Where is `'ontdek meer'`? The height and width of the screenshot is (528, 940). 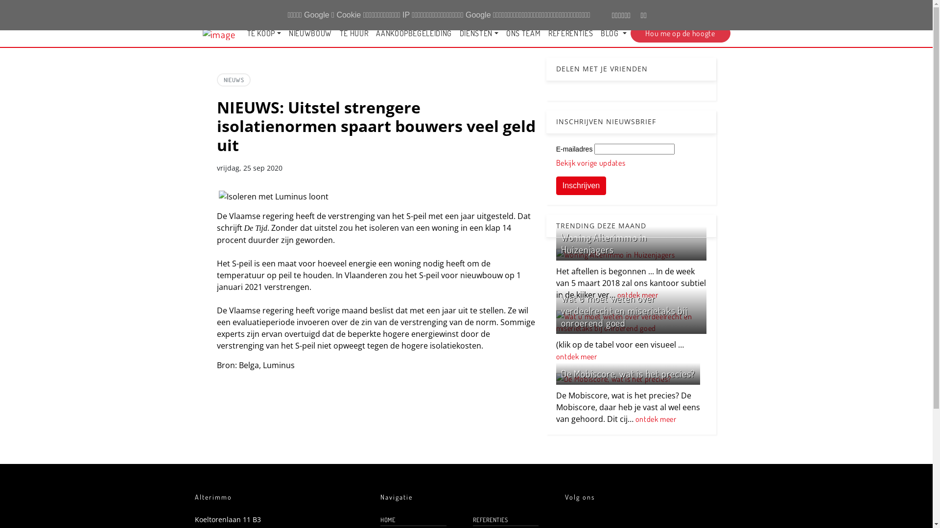
'ontdek meer' is located at coordinates (637, 294).